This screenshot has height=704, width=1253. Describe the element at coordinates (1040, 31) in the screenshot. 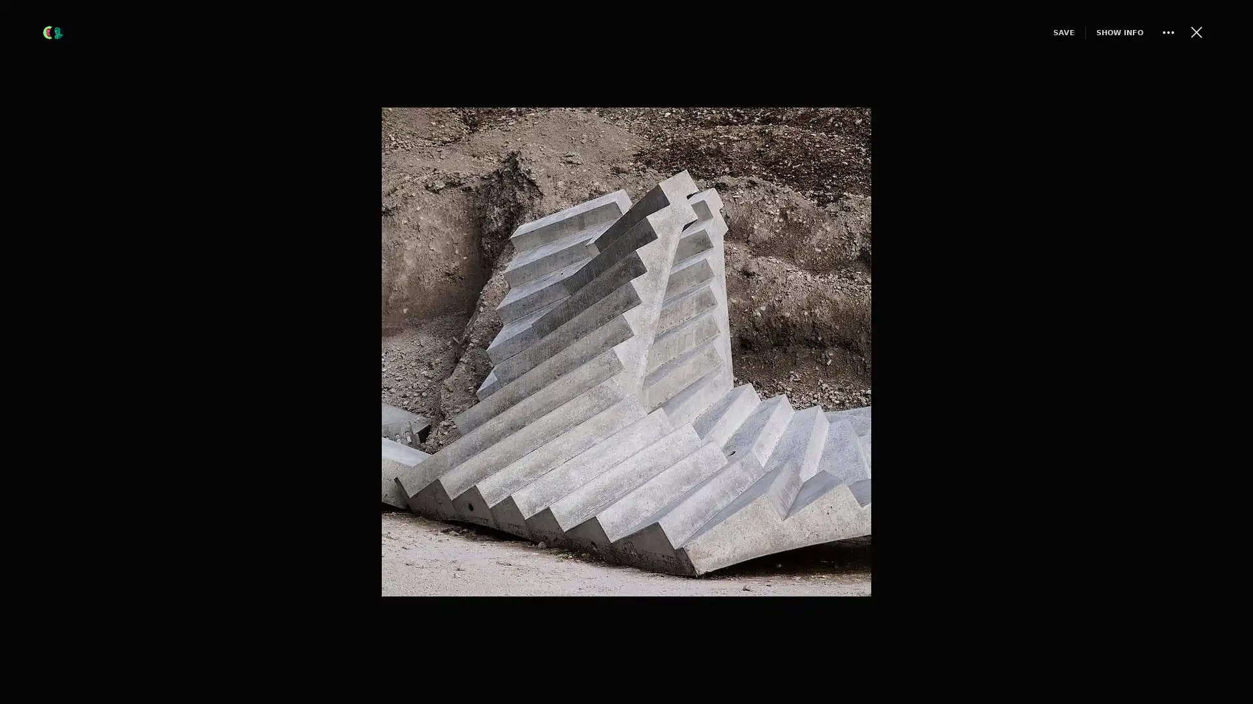

I see `SAVE` at that location.